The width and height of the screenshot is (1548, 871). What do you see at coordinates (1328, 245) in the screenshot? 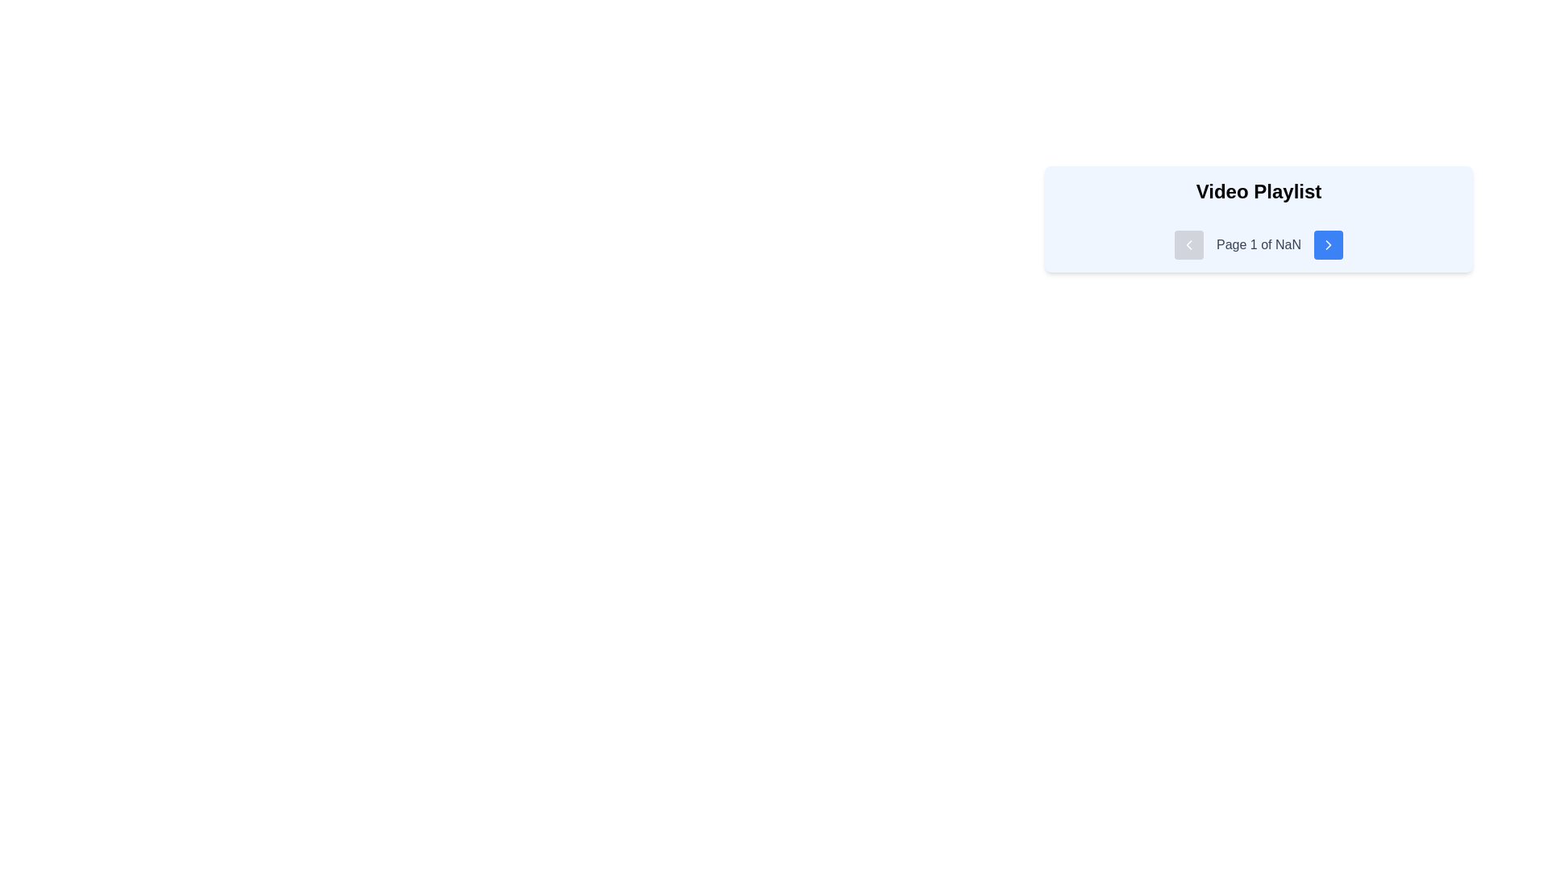
I see `the blue button with rounded edges and a white arrow pointing to the right, located in the navigation bar below the title 'Video Playlist'` at bounding box center [1328, 245].